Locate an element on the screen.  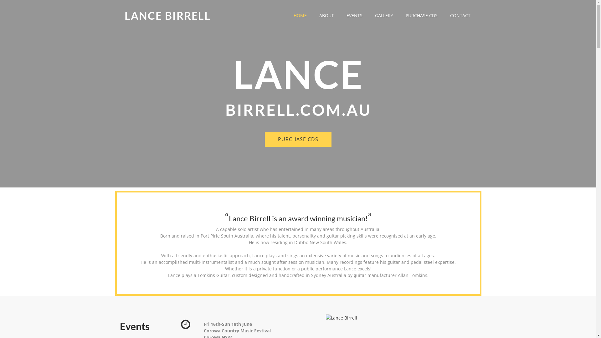
'PURCHASE CDS' is located at coordinates (298, 139).